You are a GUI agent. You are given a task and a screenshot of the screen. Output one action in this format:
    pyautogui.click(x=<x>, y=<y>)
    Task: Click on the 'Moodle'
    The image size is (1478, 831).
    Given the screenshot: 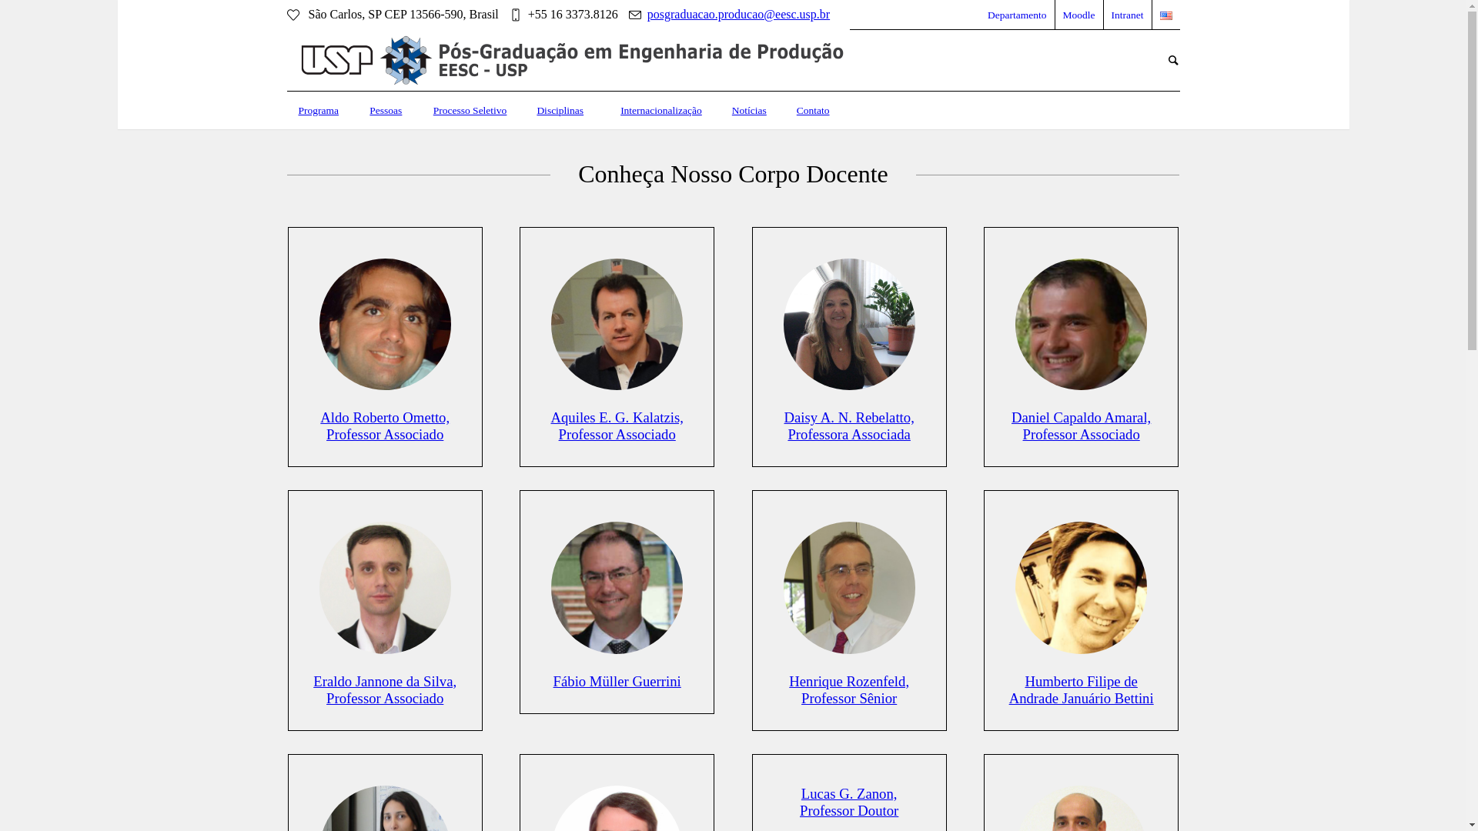 What is the action you would take?
    pyautogui.click(x=1078, y=15)
    